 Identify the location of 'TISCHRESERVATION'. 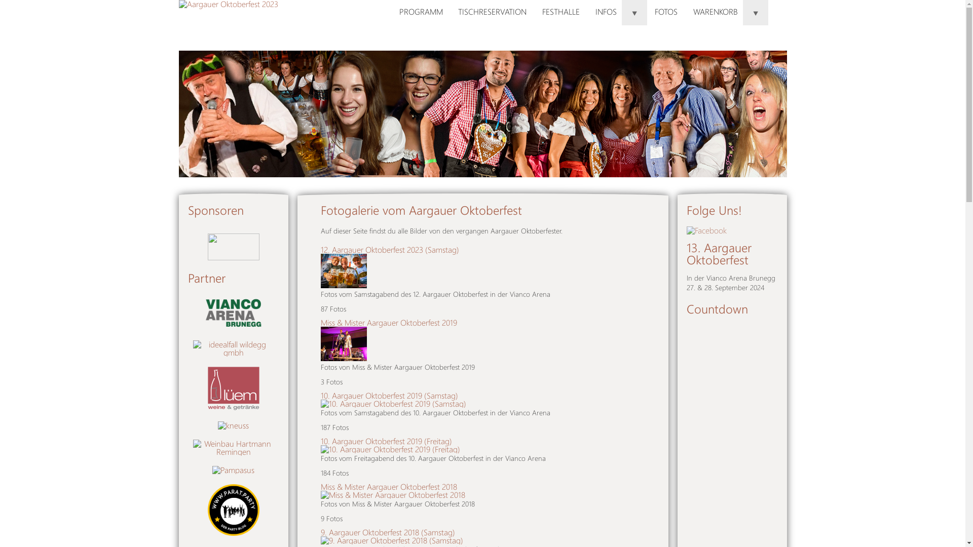
(492, 12).